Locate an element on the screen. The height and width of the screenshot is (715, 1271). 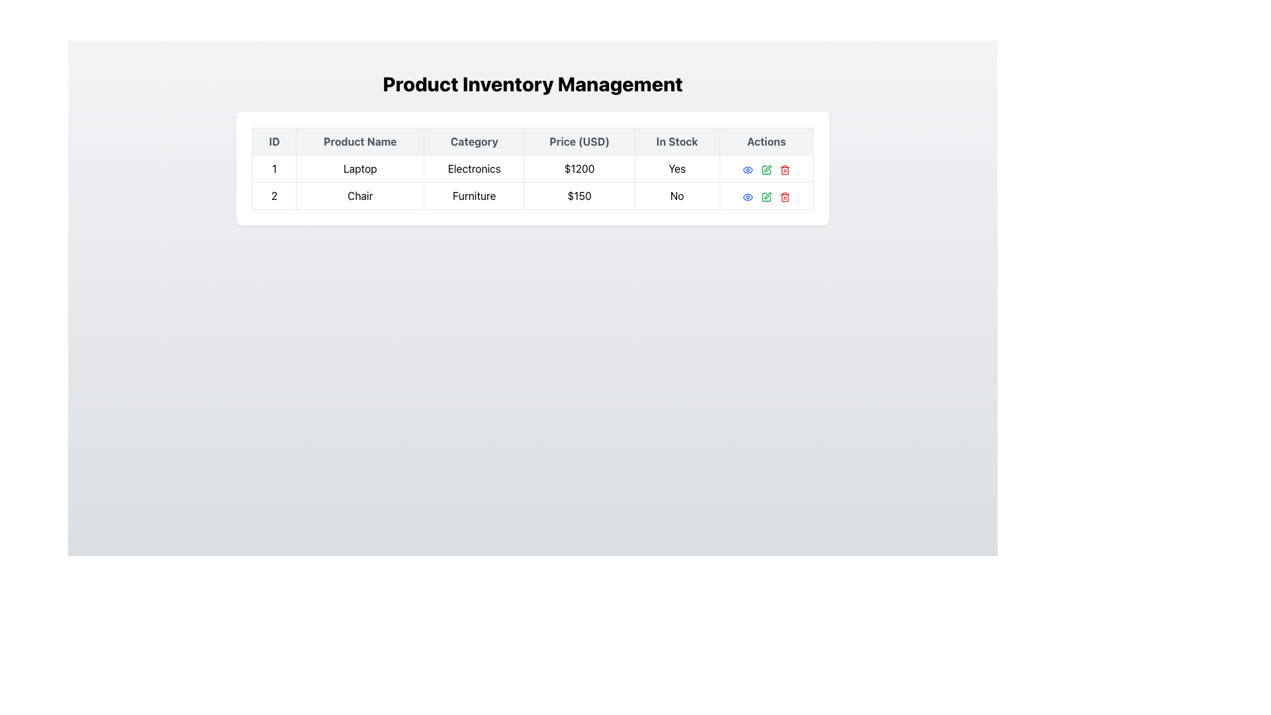
the eye-shaped icon with a blue outline in the 'Actions' column of the second row for the 'Chair' product entry is located at coordinates (747, 168).